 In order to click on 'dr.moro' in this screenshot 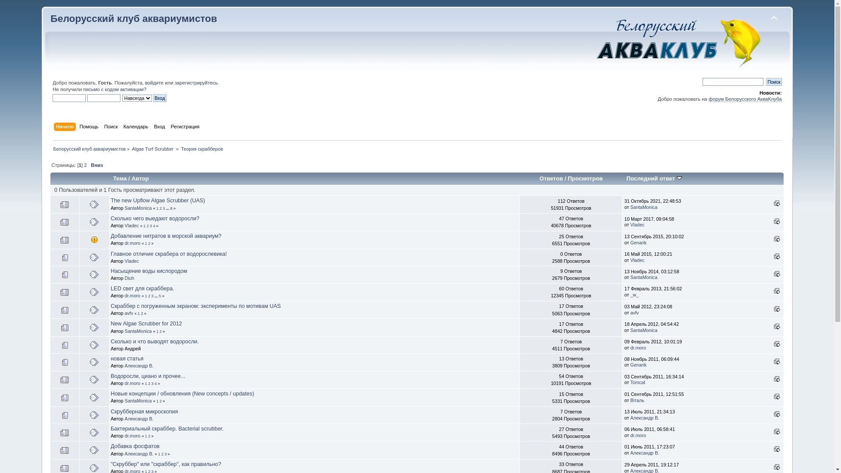, I will do `click(638, 347)`.